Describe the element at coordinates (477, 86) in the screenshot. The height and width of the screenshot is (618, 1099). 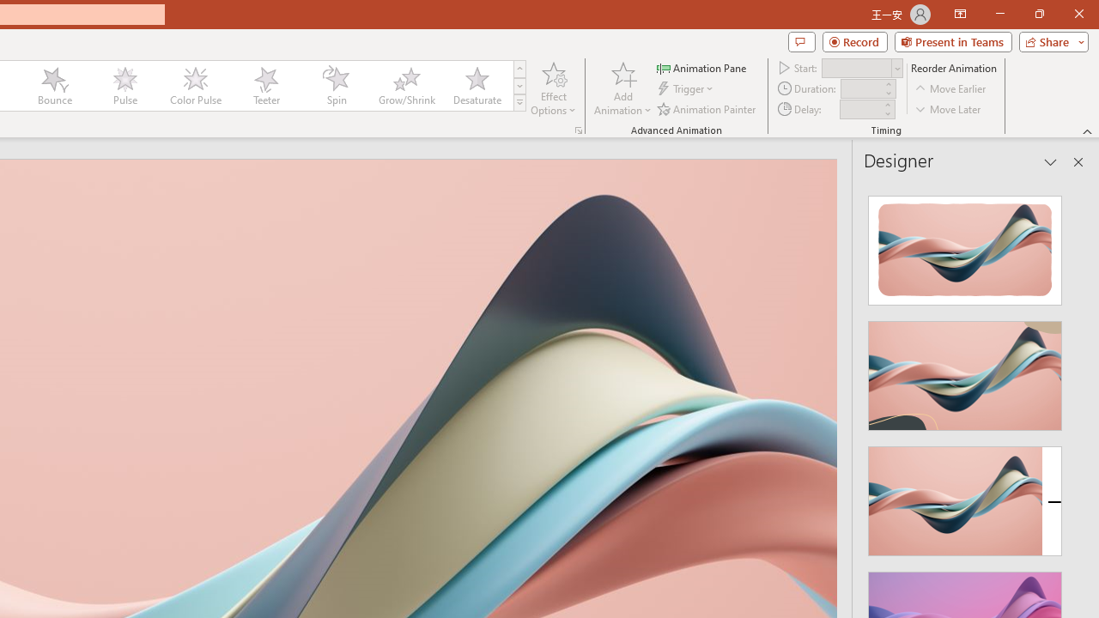
I see `'Desaturate'` at that location.